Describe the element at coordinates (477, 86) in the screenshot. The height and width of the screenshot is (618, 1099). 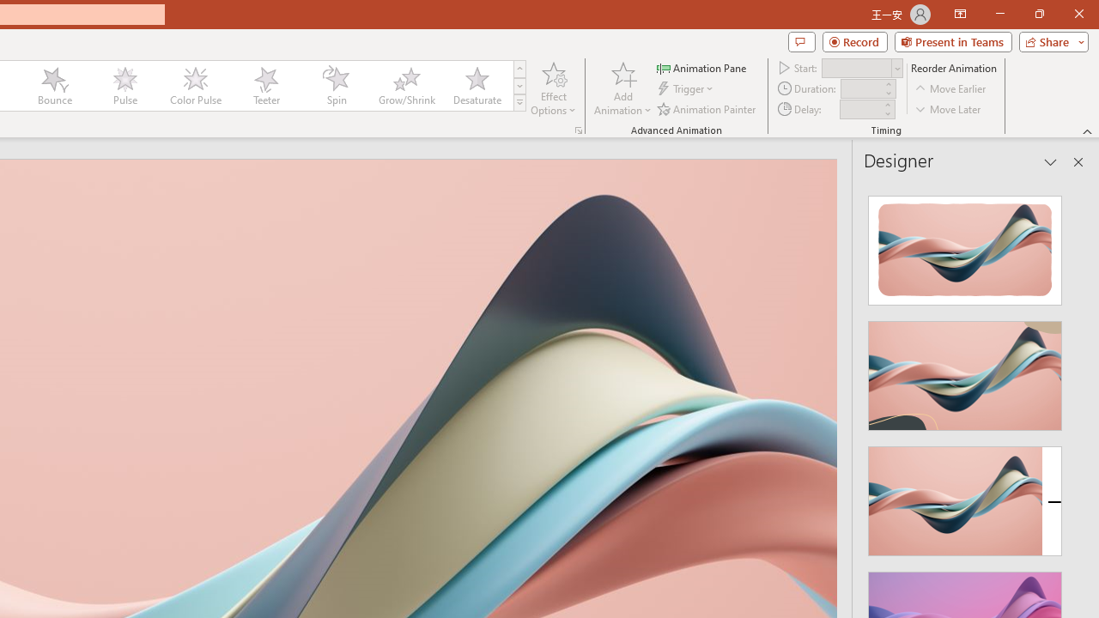
I see `'Desaturate'` at that location.